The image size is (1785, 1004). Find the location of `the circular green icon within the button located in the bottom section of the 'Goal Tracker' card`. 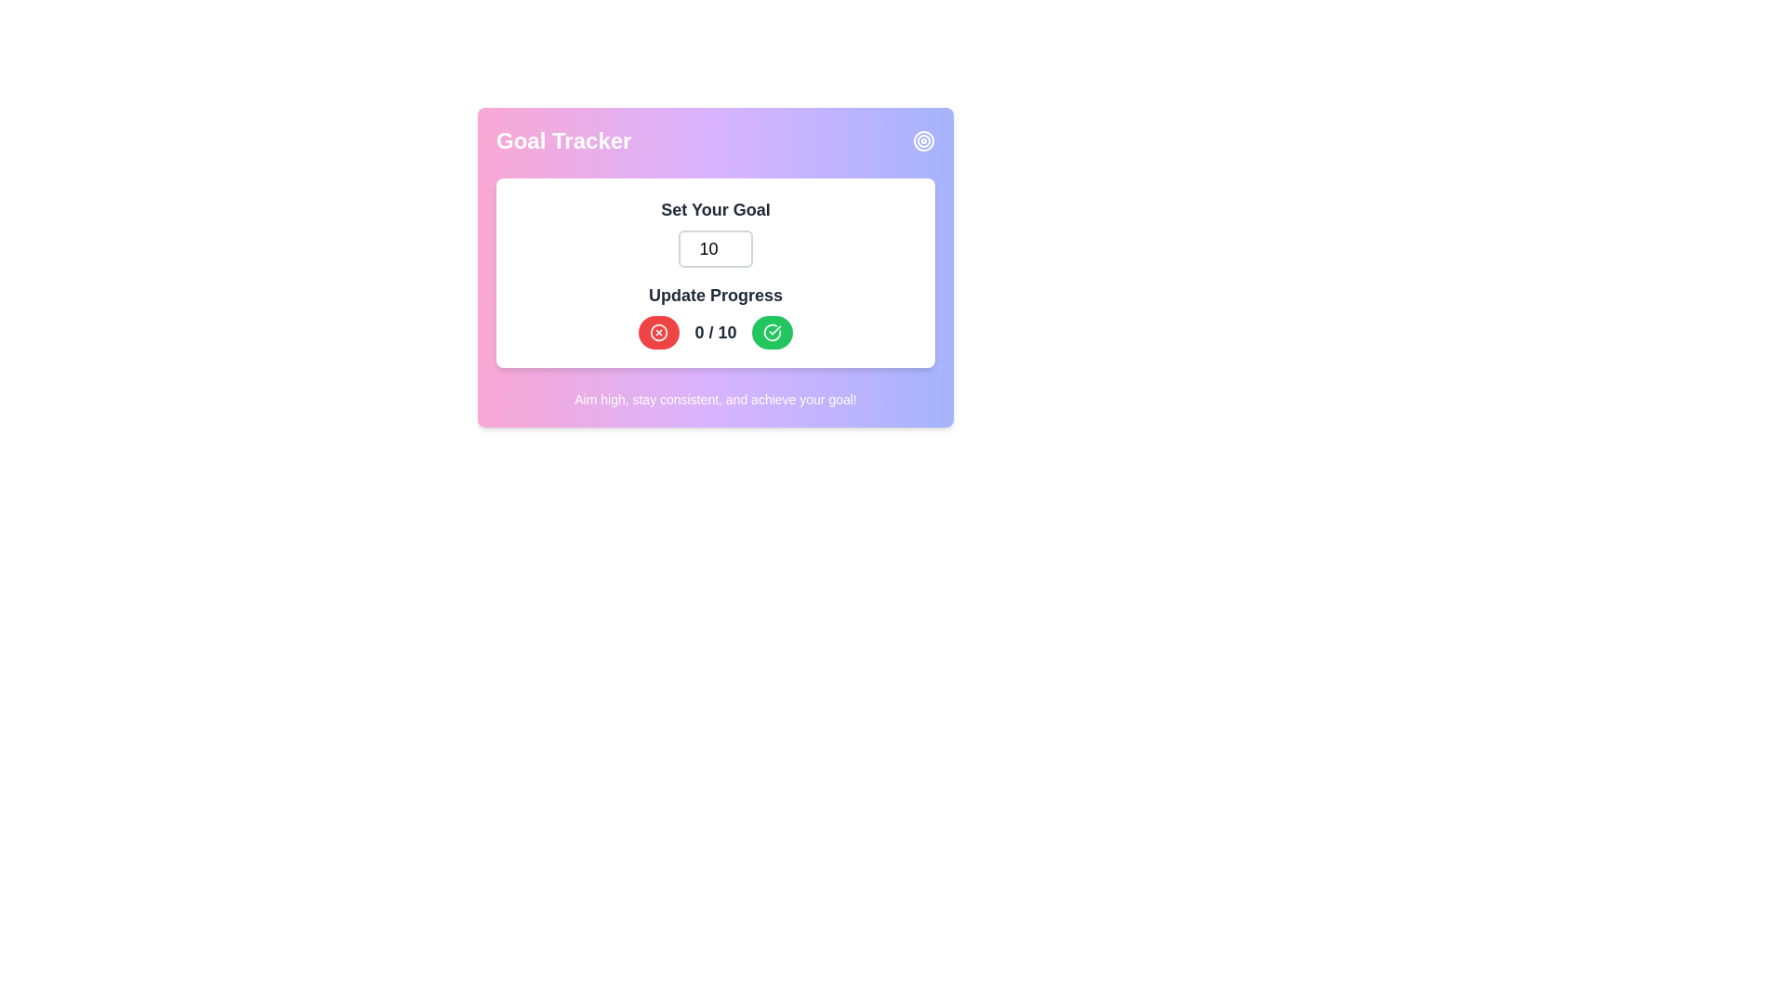

the circular green icon within the button located in the bottom section of the 'Goal Tracker' card is located at coordinates (772, 332).